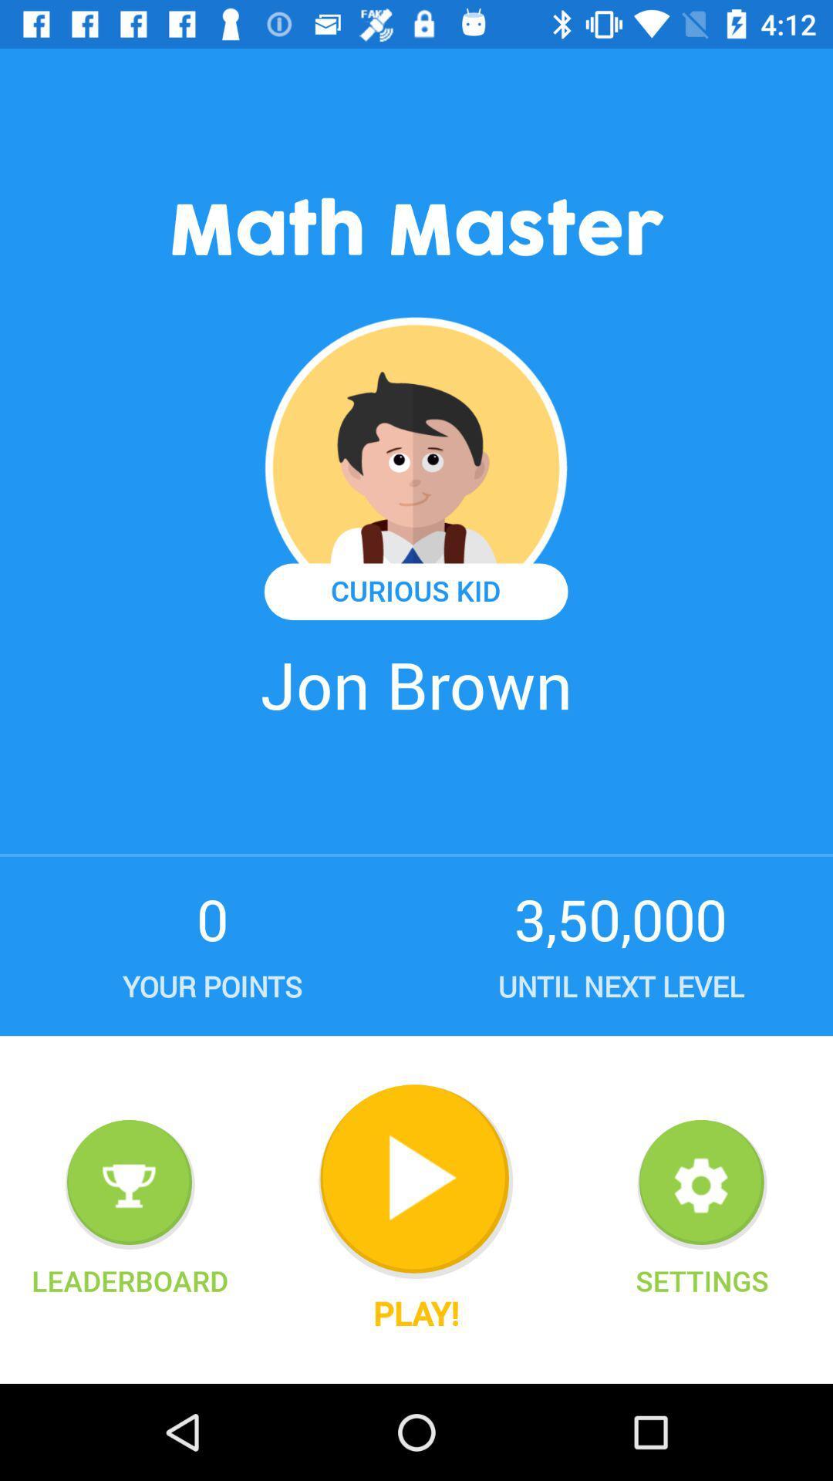  Describe the element at coordinates (415, 1312) in the screenshot. I see `play! icon` at that location.